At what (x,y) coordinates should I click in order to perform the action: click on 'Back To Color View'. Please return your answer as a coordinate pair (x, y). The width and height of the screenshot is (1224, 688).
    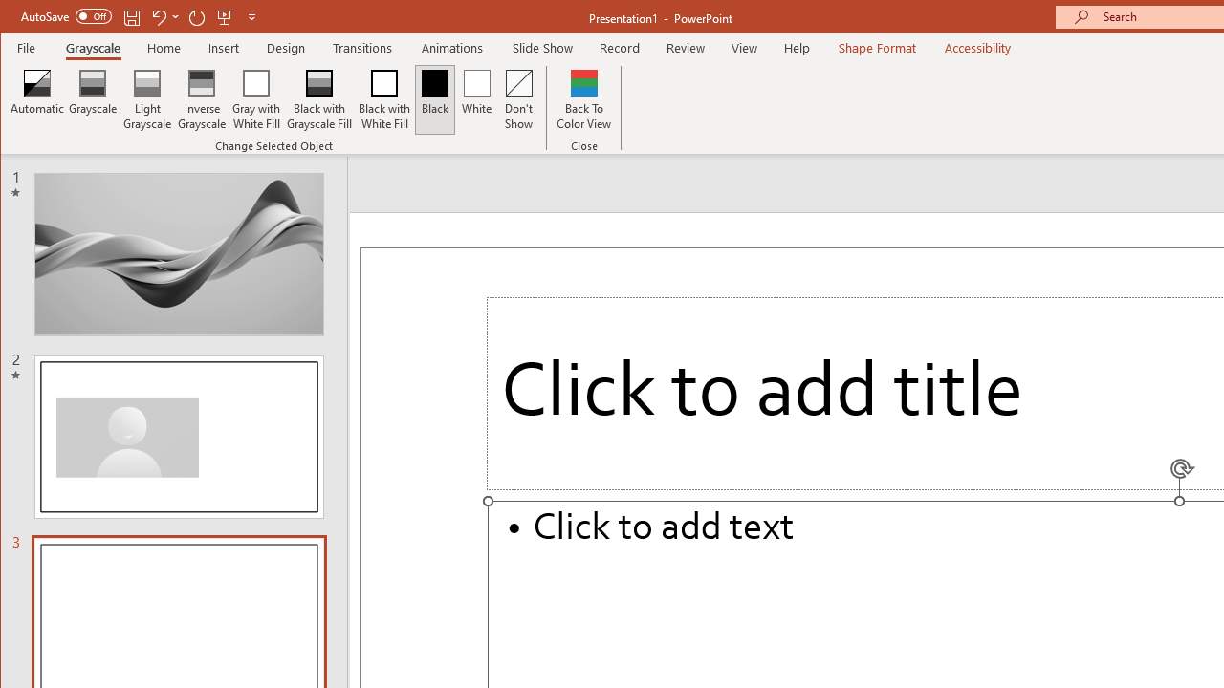
    Looking at the image, I should click on (583, 99).